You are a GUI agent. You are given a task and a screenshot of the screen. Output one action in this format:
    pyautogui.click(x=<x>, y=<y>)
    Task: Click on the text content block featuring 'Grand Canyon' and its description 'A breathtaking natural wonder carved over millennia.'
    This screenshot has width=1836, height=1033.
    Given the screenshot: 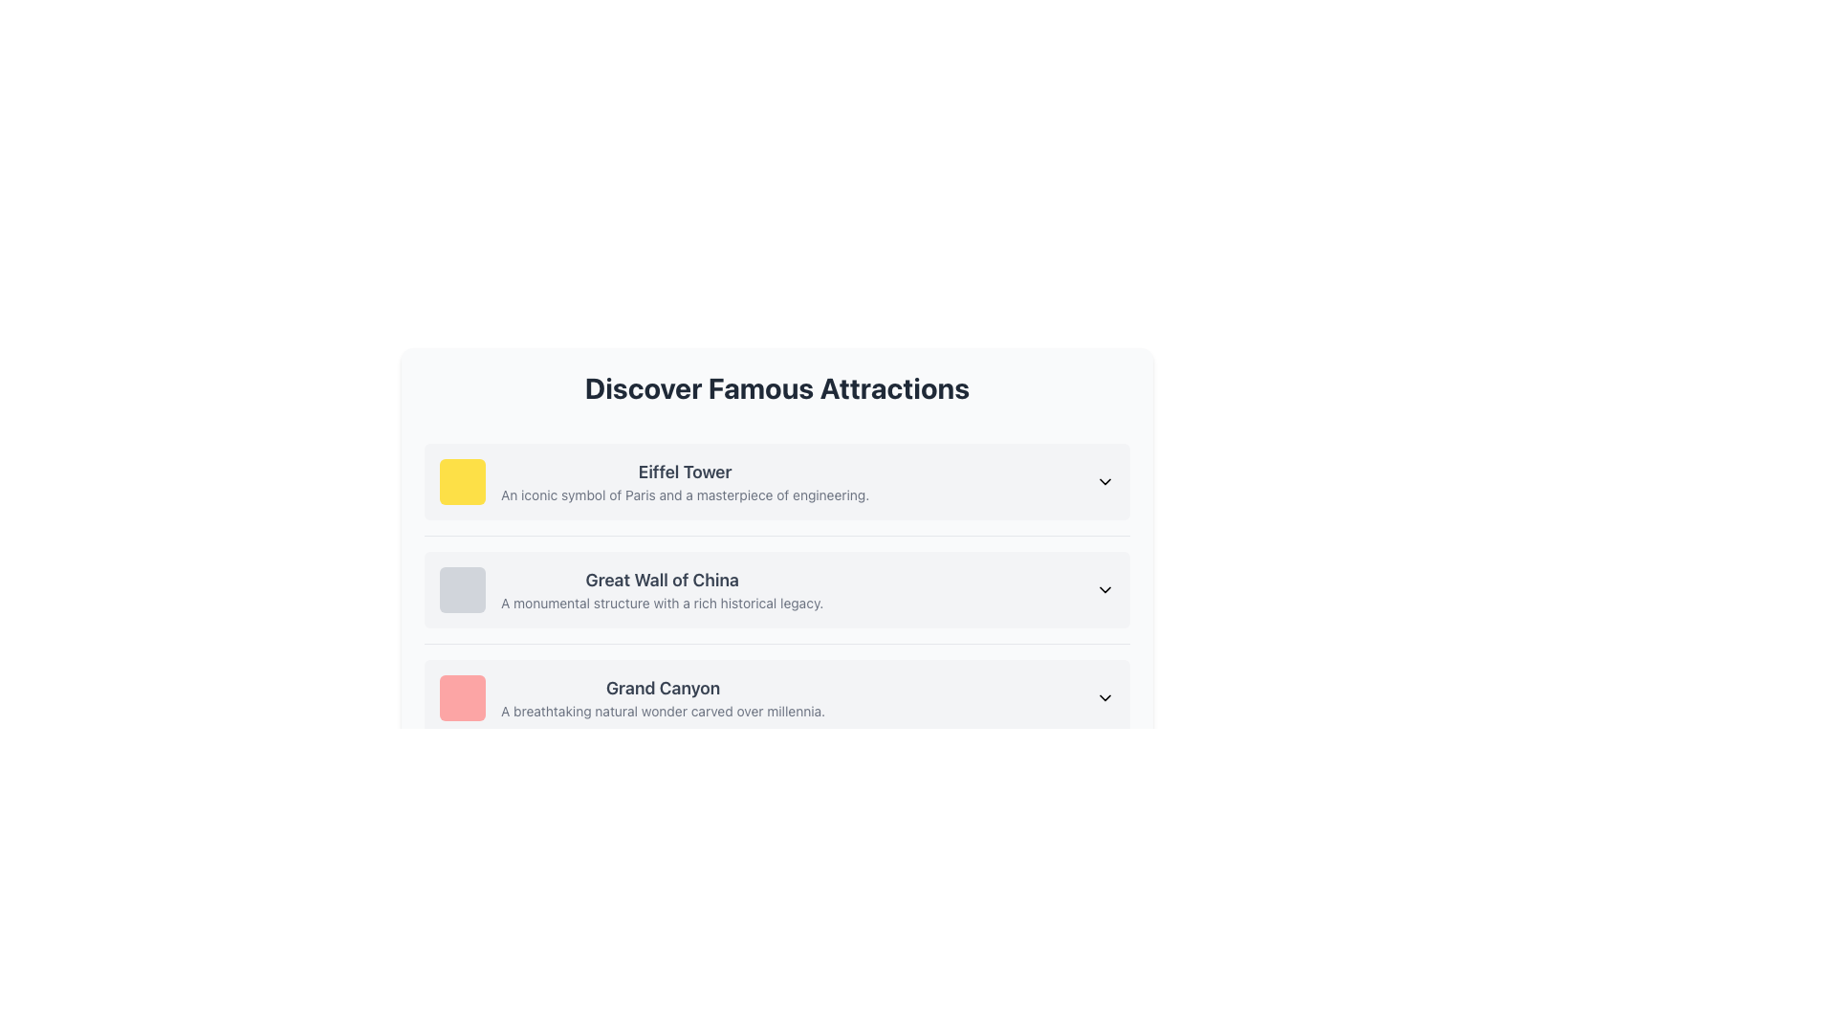 What is the action you would take?
    pyautogui.click(x=663, y=697)
    